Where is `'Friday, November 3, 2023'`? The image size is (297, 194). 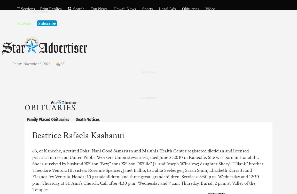
'Friday, November 3, 2023' is located at coordinates (31, 63).